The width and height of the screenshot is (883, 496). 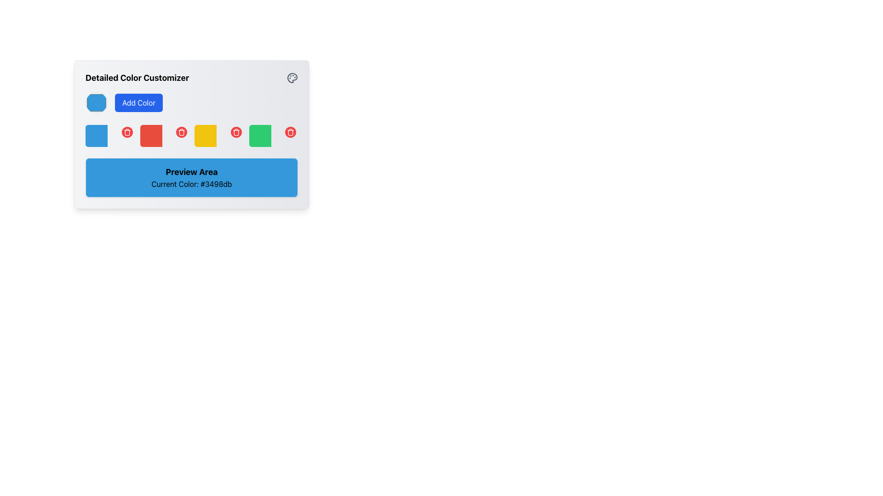 What do you see at coordinates (181, 132) in the screenshot?
I see `the fourth red trash icon button` at bounding box center [181, 132].